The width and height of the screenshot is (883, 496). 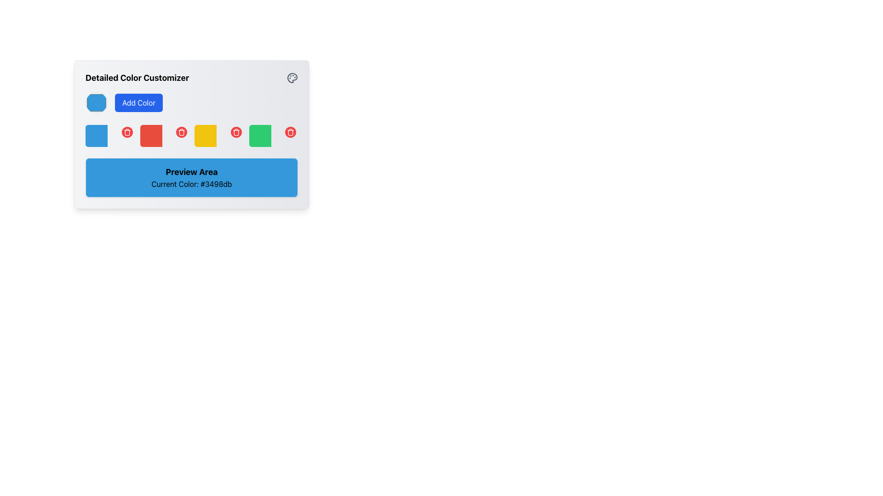 What do you see at coordinates (181, 132) in the screenshot?
I see `the fourth red trash icon button` at bounding box center [181, 132].